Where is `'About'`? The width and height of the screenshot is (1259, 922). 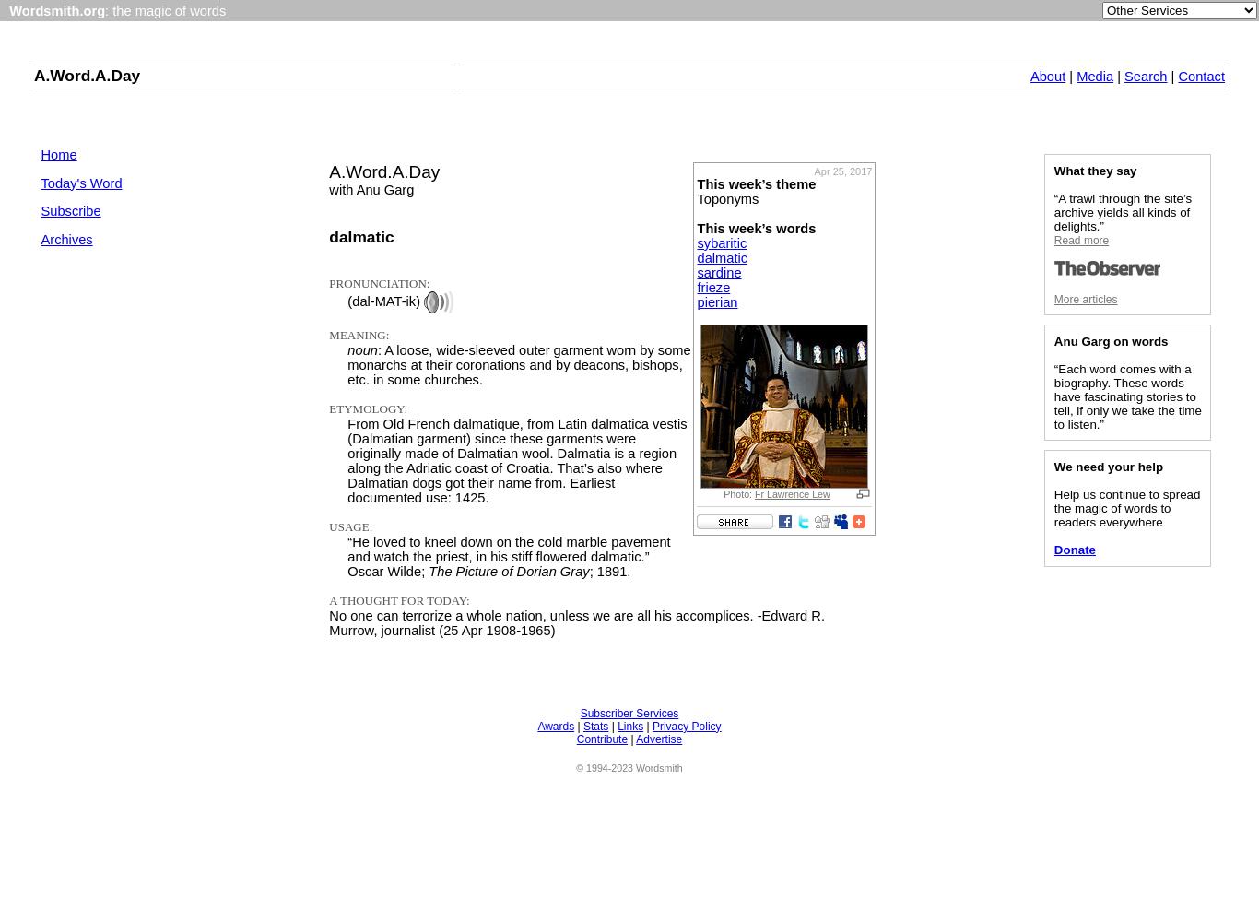 'About' is located at coordinates (1046, 76).